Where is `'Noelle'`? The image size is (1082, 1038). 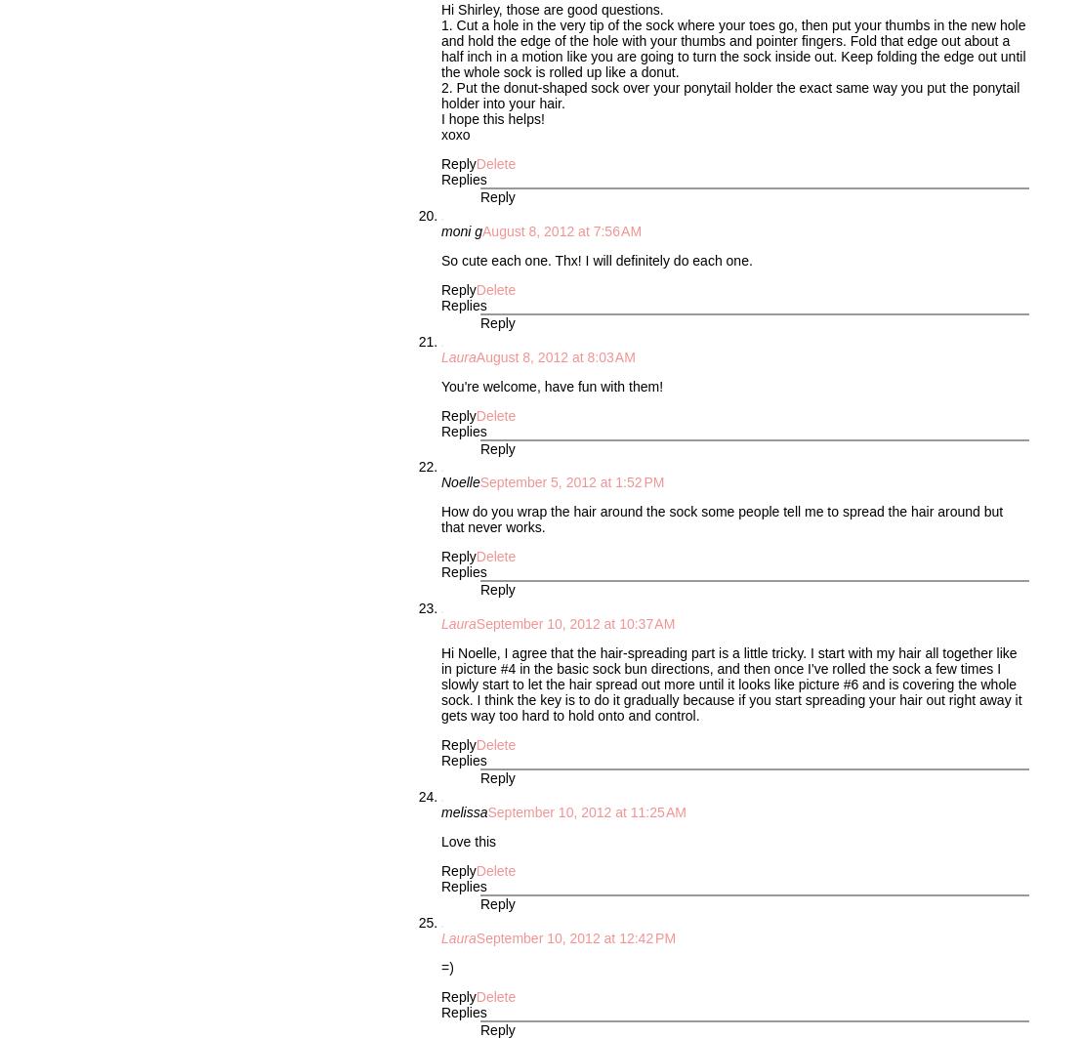 'Noelle' is located at coordinates (439, 481).